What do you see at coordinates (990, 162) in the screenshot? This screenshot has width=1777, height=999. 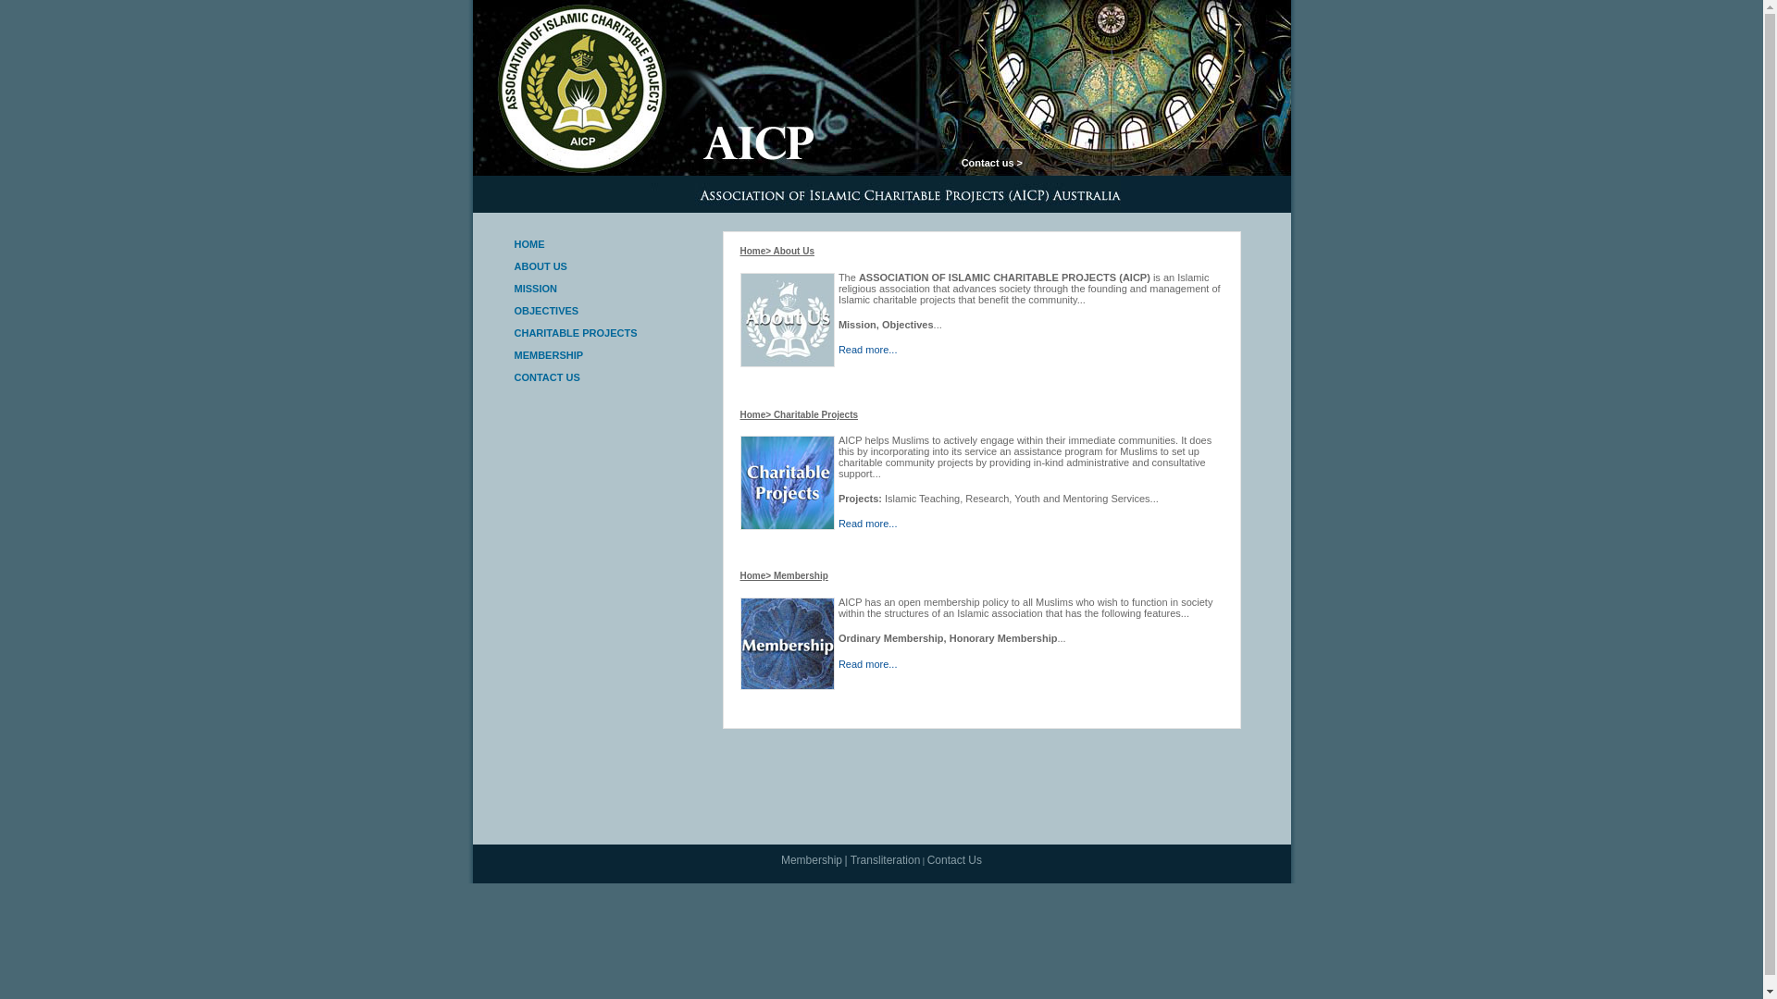 I see `'Contact us >'` at bounding box center [990, 162].